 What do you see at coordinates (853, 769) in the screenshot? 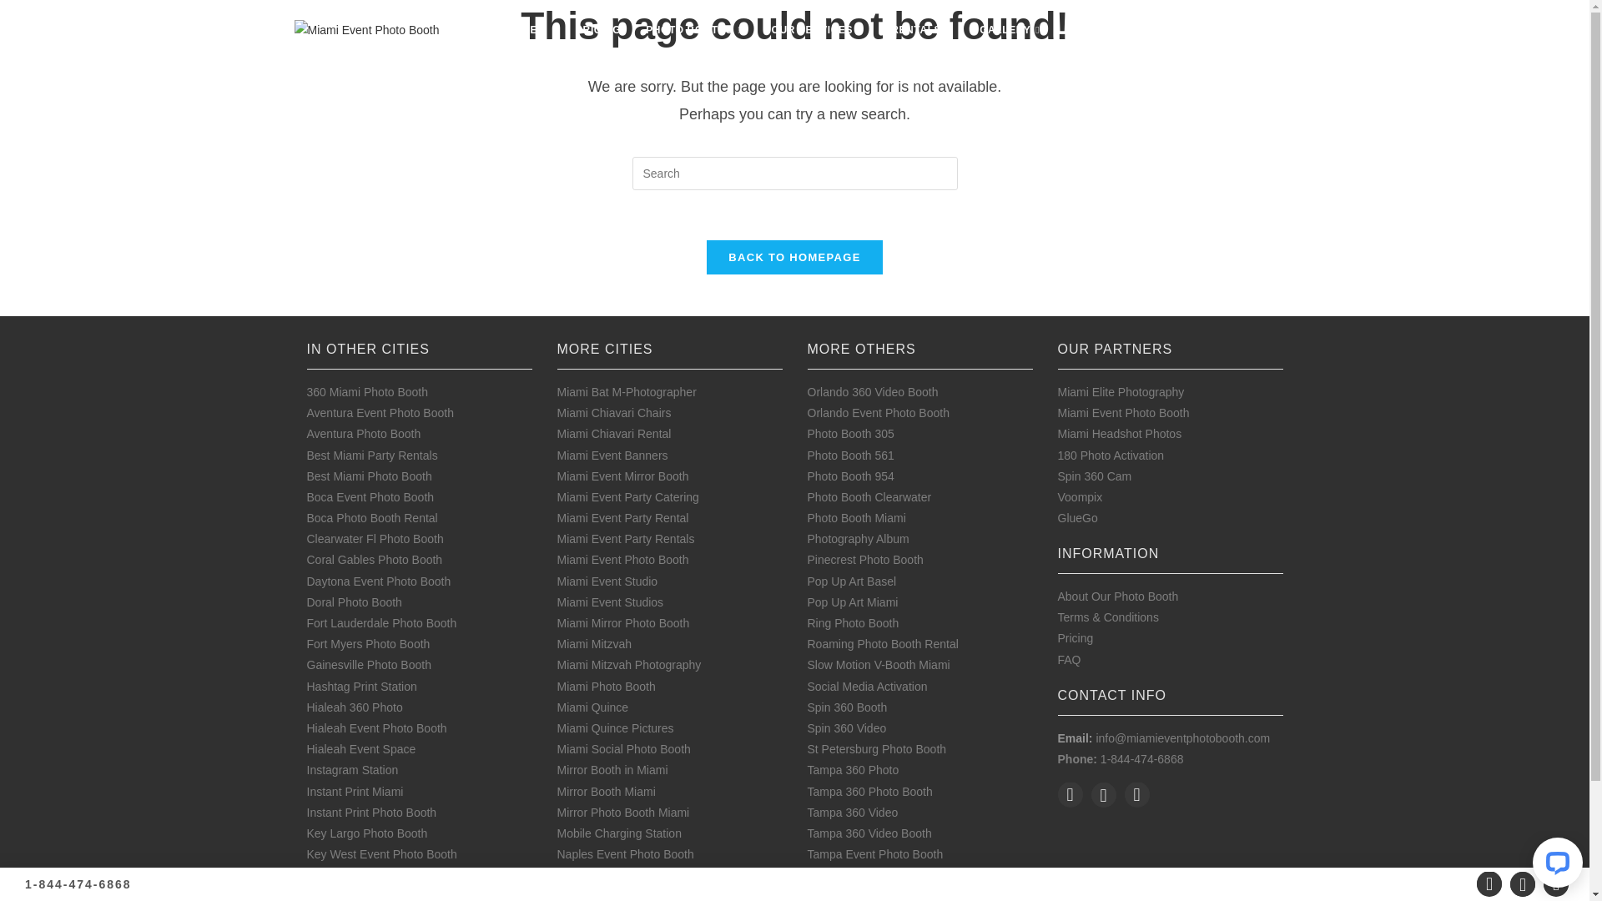
I see `'Tampa 360 Photo'` at bounding box center [853, 769].